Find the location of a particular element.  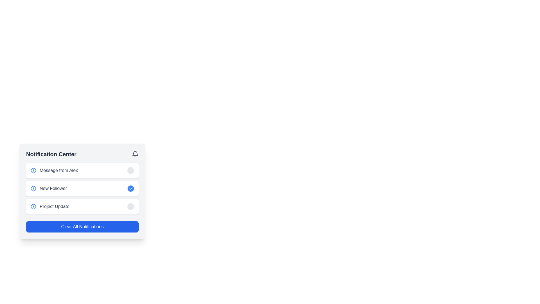

the 'Project Update' notification entry in the Notification Center is located at coordinates (50, 206).